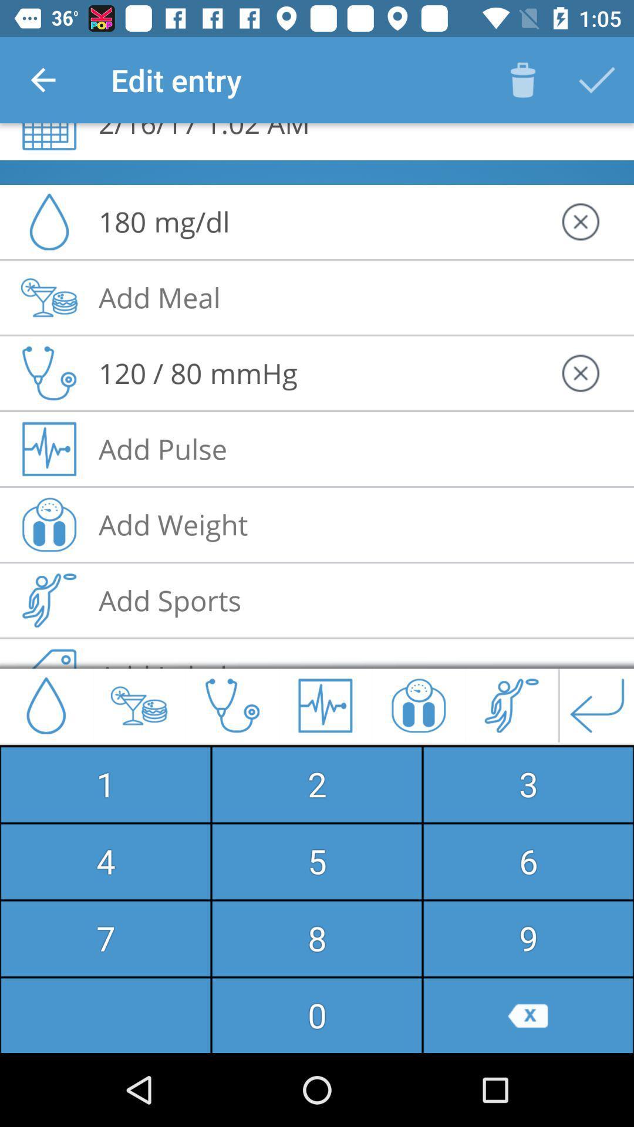  What do you see at coordinates (579, 373) in the screenshot?
I see `the close icon` at bounding box center [579, 373].